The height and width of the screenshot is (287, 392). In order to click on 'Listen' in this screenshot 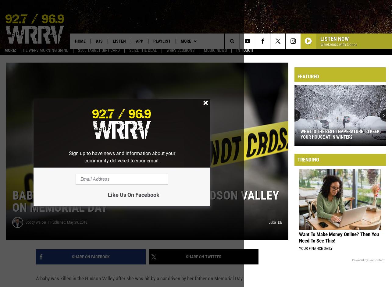, I will do `click(119, 41)`.